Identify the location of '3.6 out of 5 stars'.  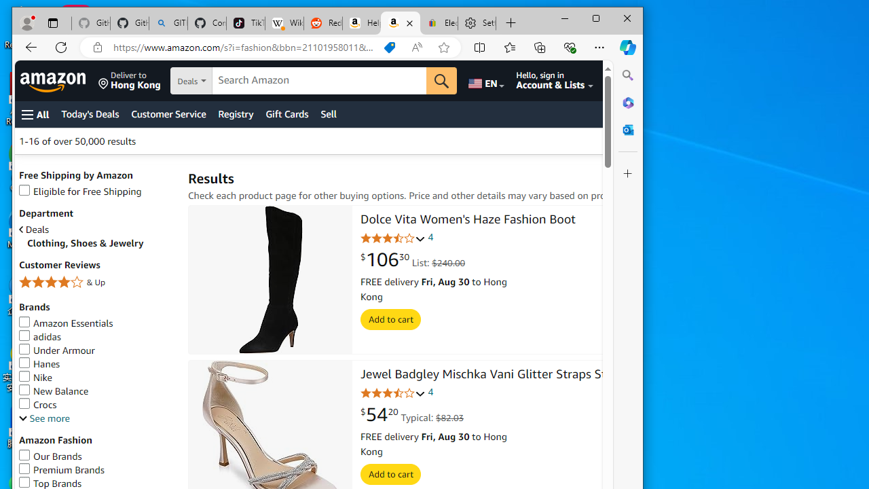
(392, 393).